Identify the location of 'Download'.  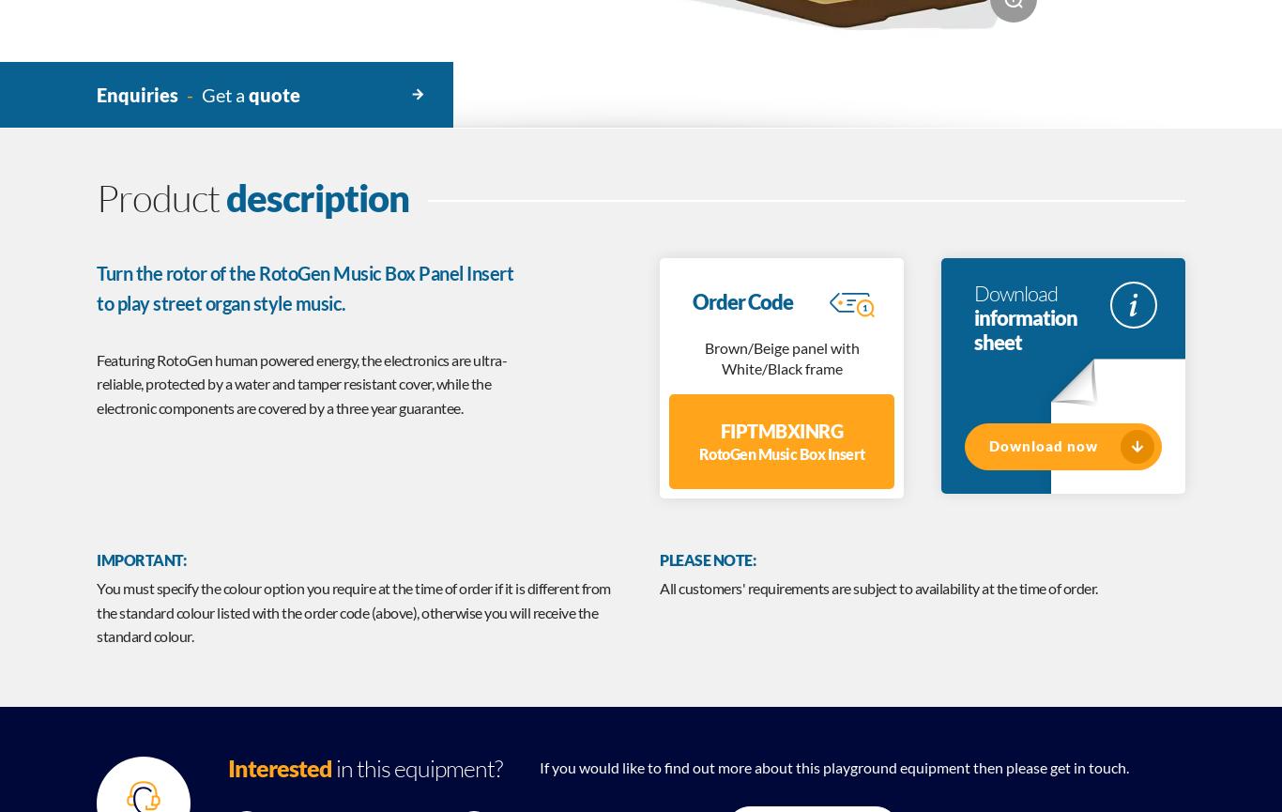
(1015, 292).